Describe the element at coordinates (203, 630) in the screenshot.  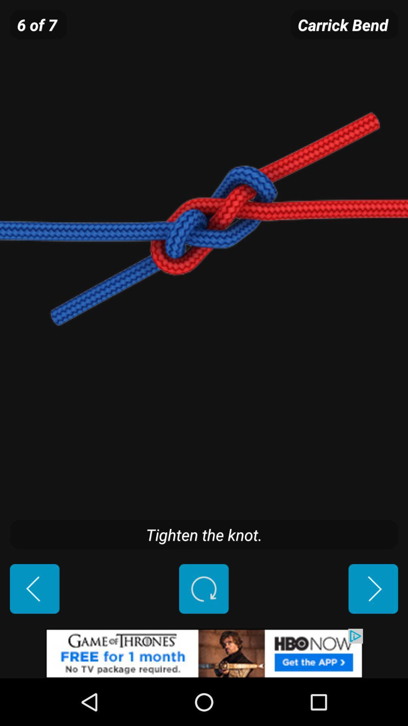
I see `the refresh icon` at that location.